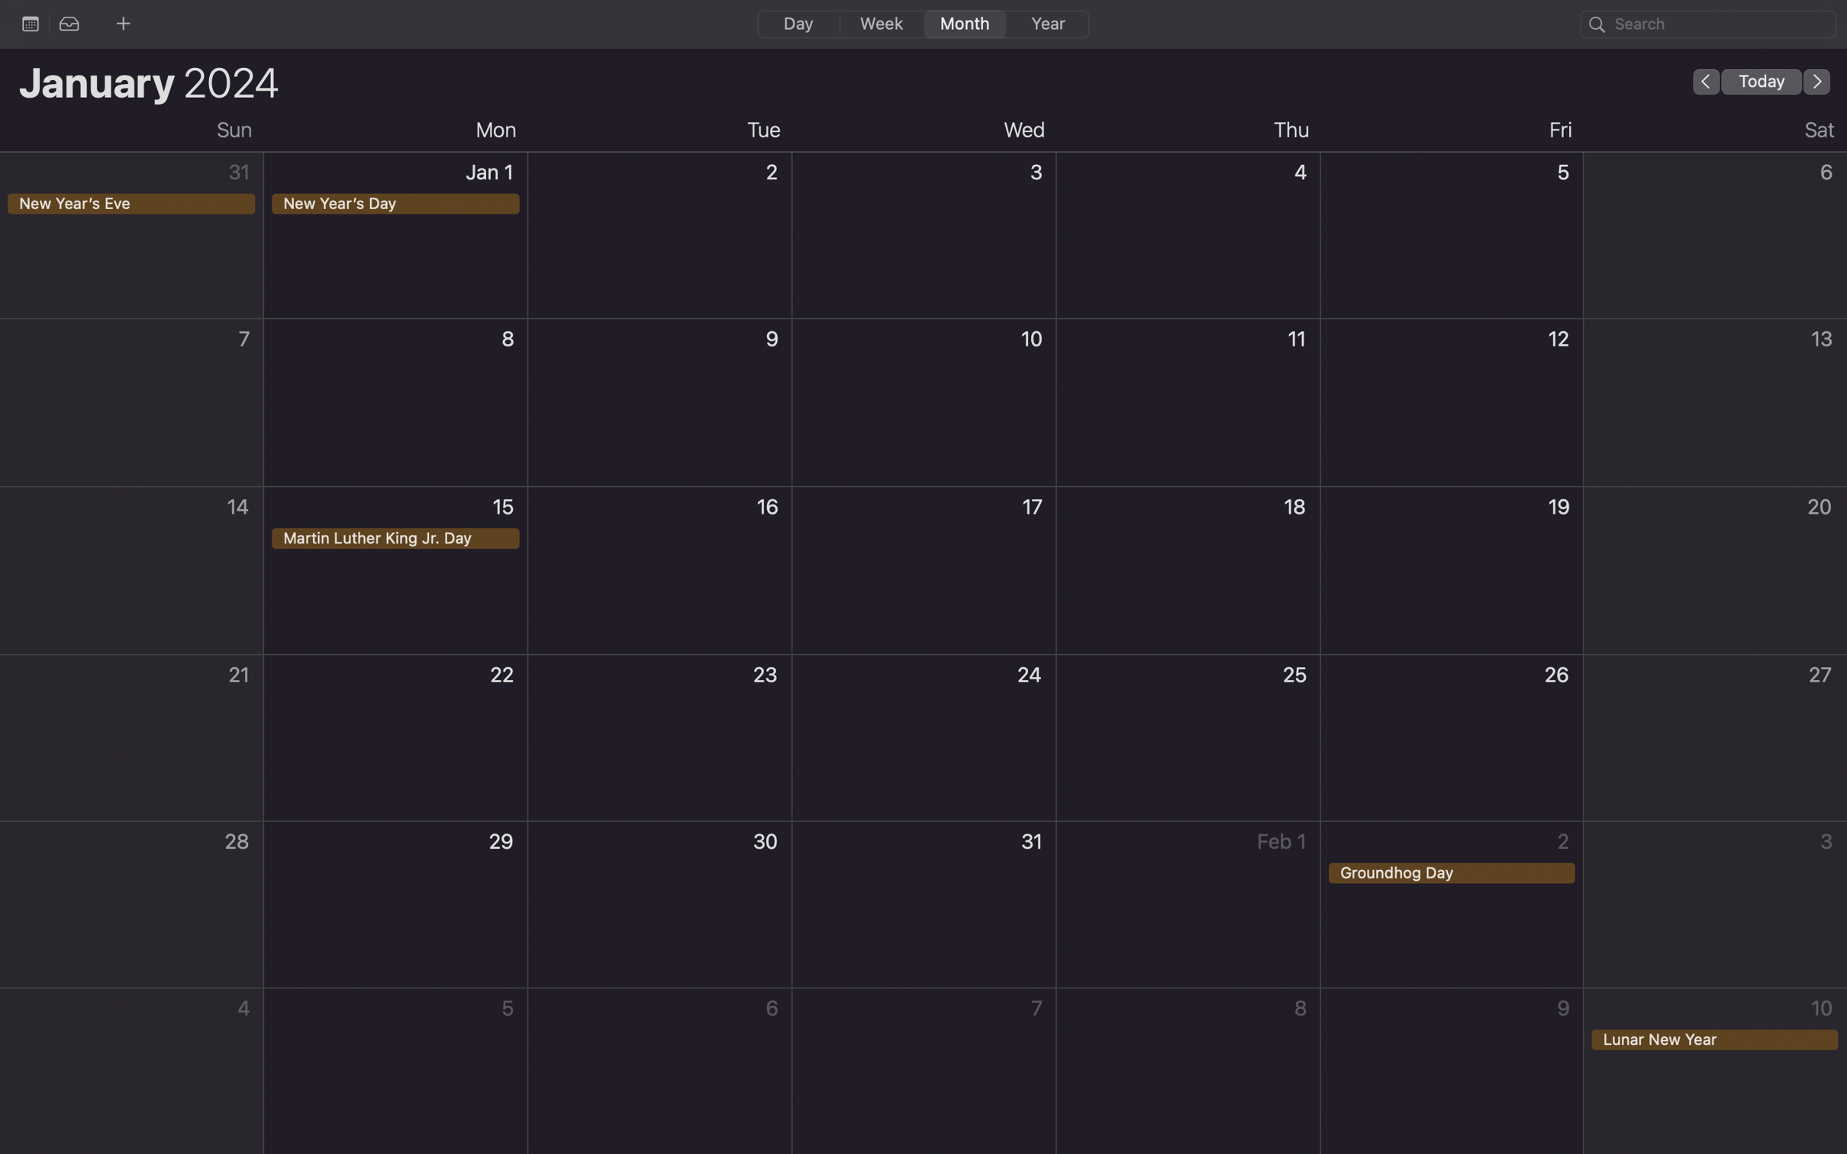 The height and width of the screenshot is (1154, 1847). Describe the element at coordinates (1455, 906) in the screenshot. I see `Double click to create an event on the ground hog day` at that location.